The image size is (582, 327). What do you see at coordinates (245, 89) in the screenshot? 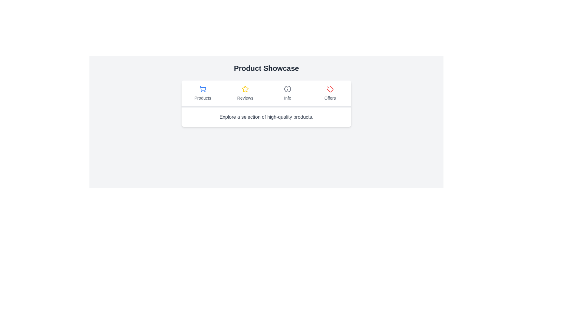
I see `the reviews section by clicking on the yellow star-shaped icon located above the 'Reviews' text label` at bounding box center [245, 89].